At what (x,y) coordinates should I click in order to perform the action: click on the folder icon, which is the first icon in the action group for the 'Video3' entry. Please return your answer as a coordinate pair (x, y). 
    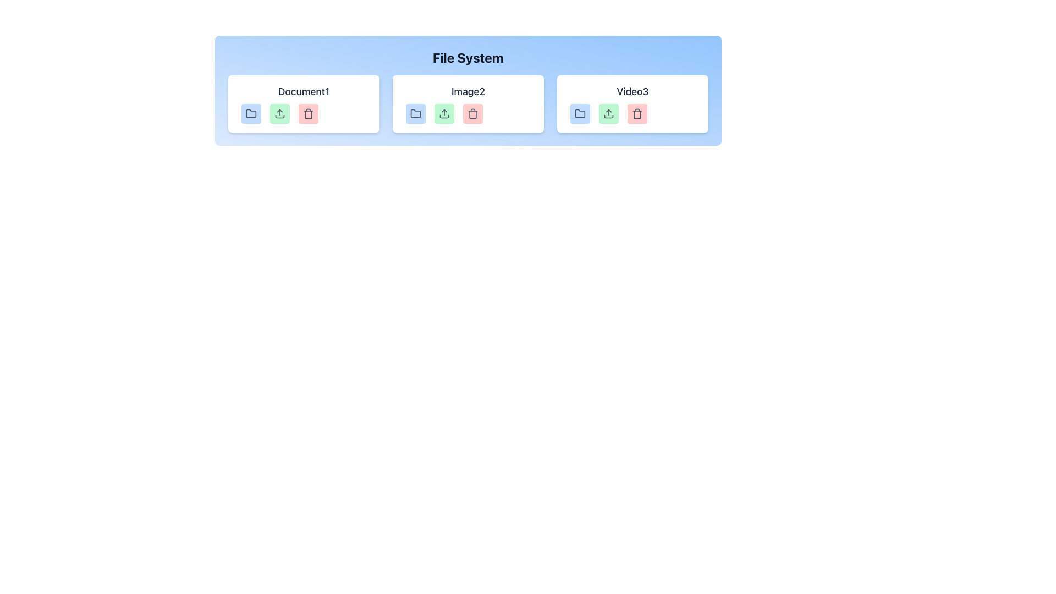
    Looking at the image, I should click on (580, 113).